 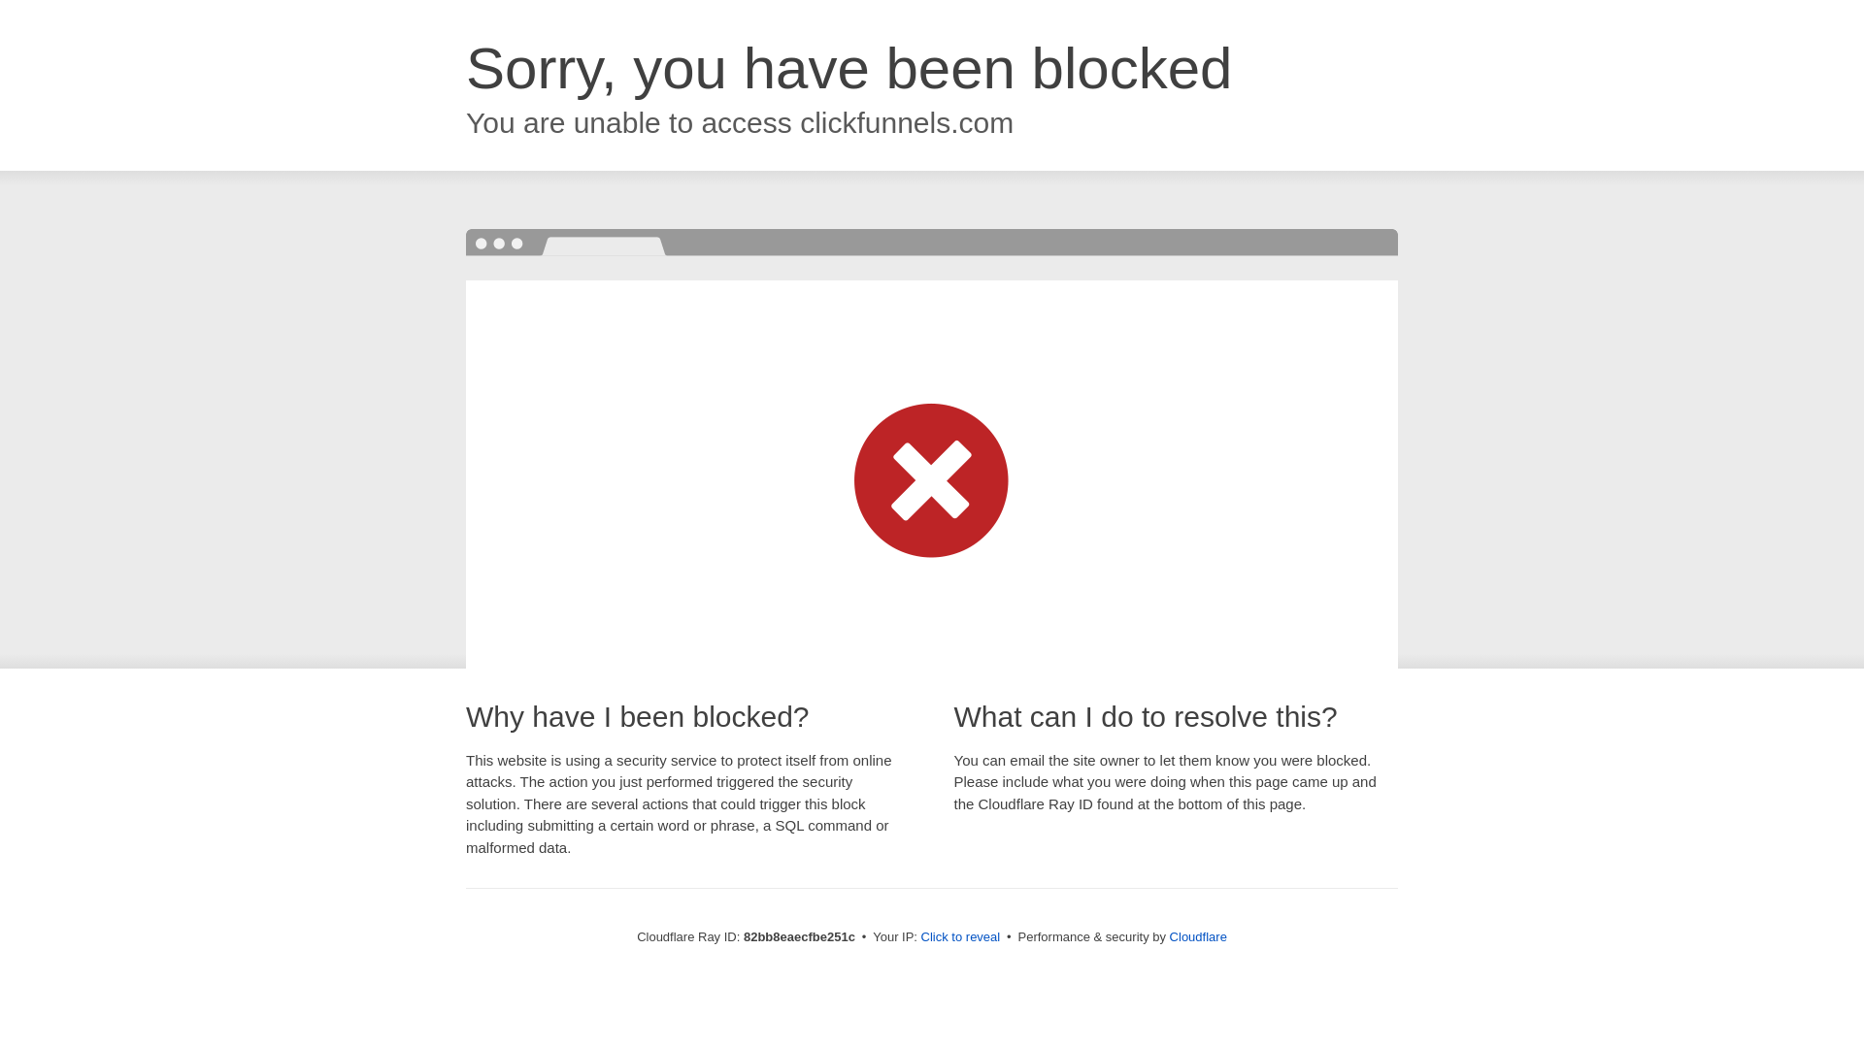 What do you see at coordinates (1197, 935) in the screenshot?
I see `'Cloudflare'` at bounding box center [1197, 935].